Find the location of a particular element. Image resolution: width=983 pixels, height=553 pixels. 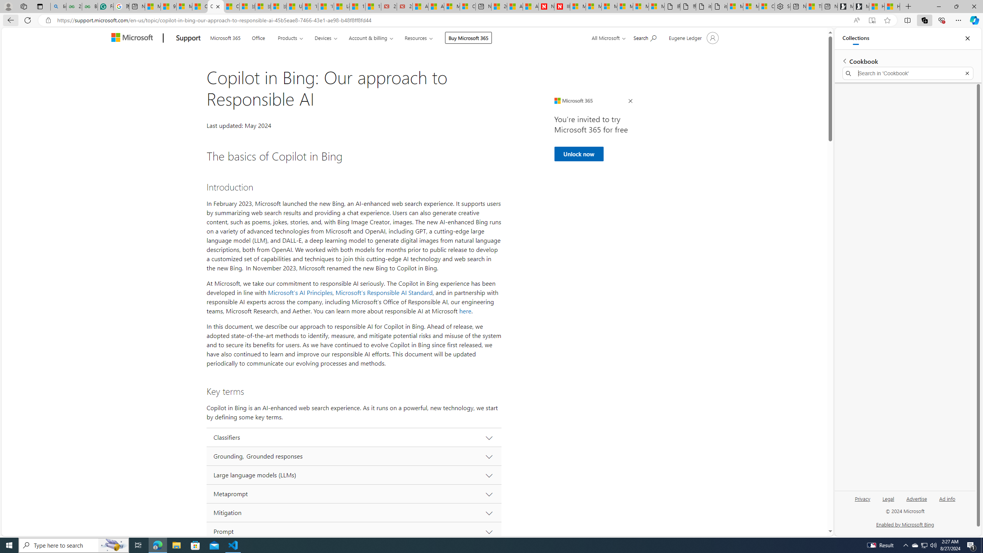

'Buy Microsoft 365' is located at coordinates (468, 37).